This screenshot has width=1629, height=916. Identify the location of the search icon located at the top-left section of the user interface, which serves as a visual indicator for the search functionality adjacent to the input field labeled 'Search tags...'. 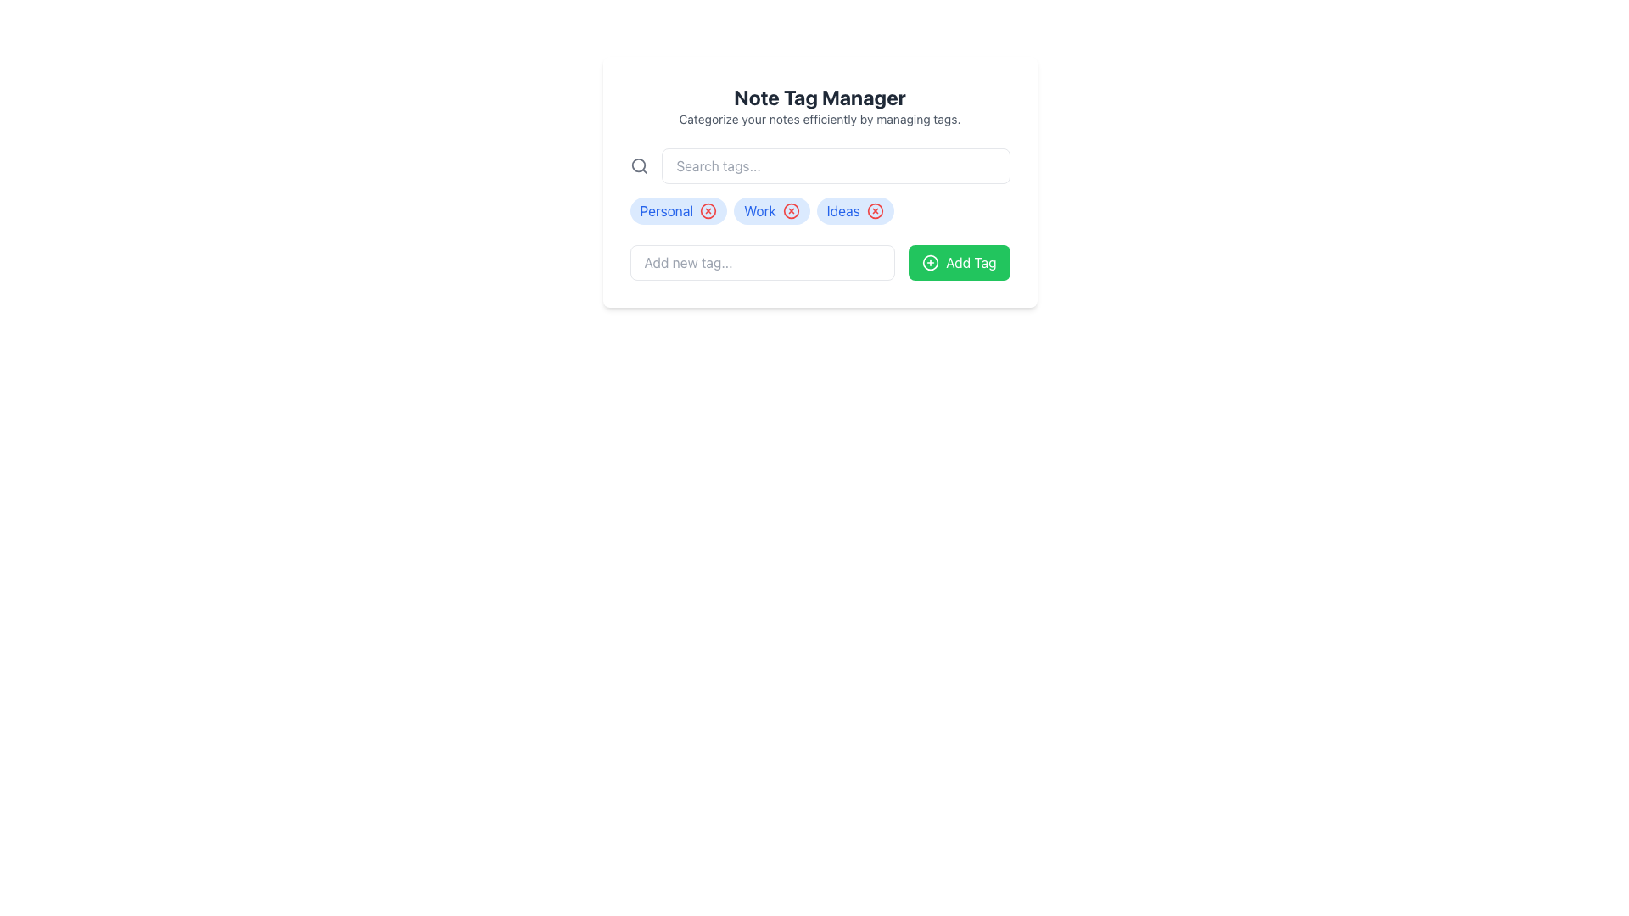
(638, 166).